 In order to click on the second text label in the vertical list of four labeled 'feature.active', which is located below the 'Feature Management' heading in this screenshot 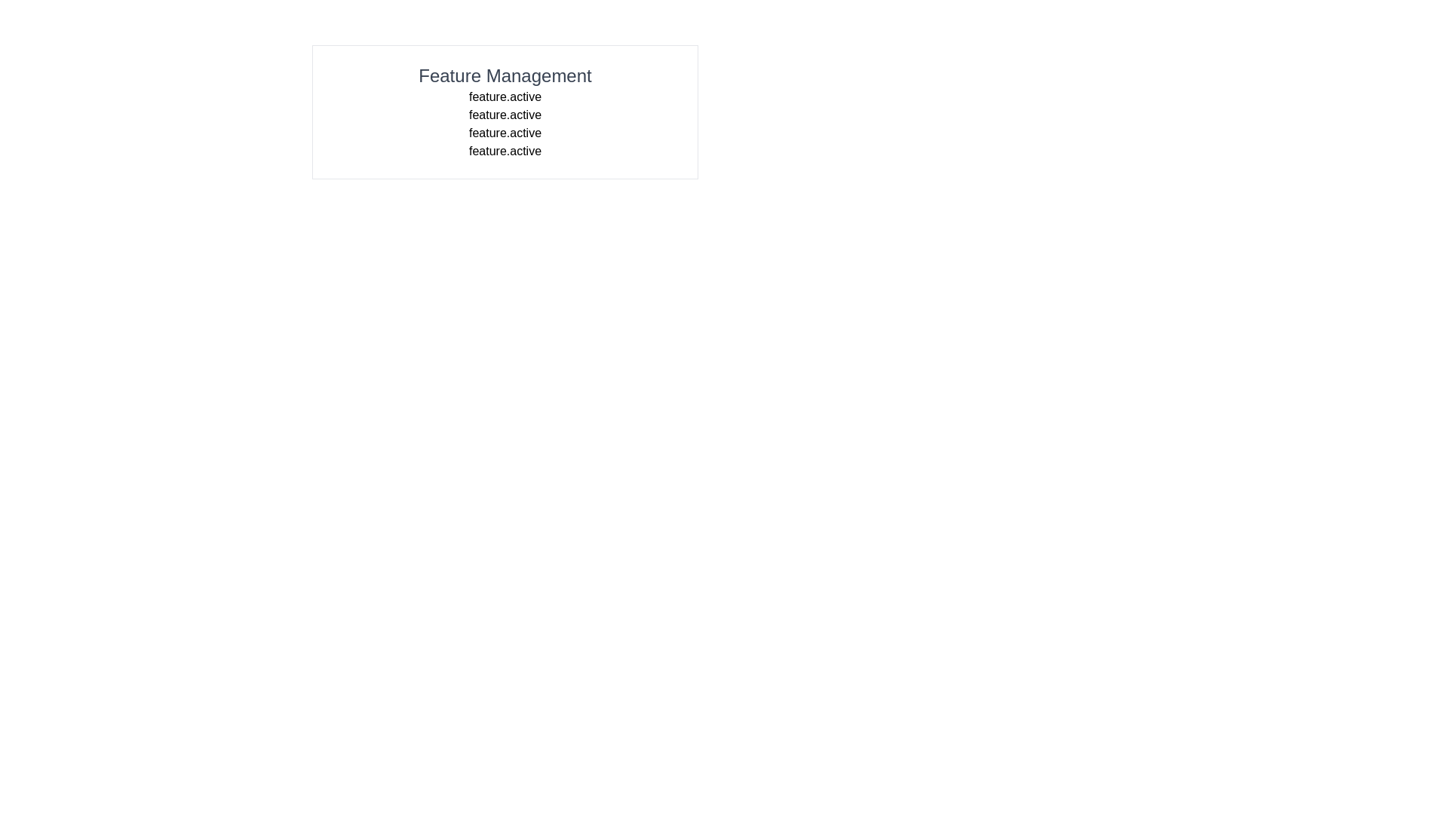, I will do `click(505, 115)`.